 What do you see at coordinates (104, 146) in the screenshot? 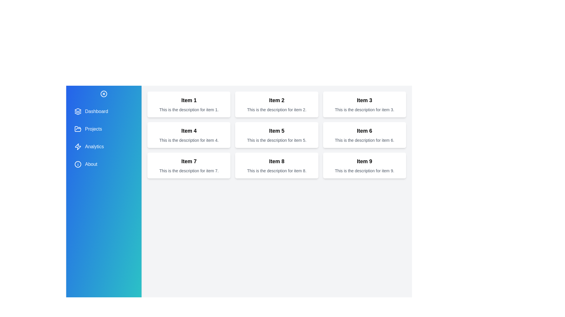
I see `the menu item 'Analytics' to observe its hover effect` at bounding box center [104, 146].